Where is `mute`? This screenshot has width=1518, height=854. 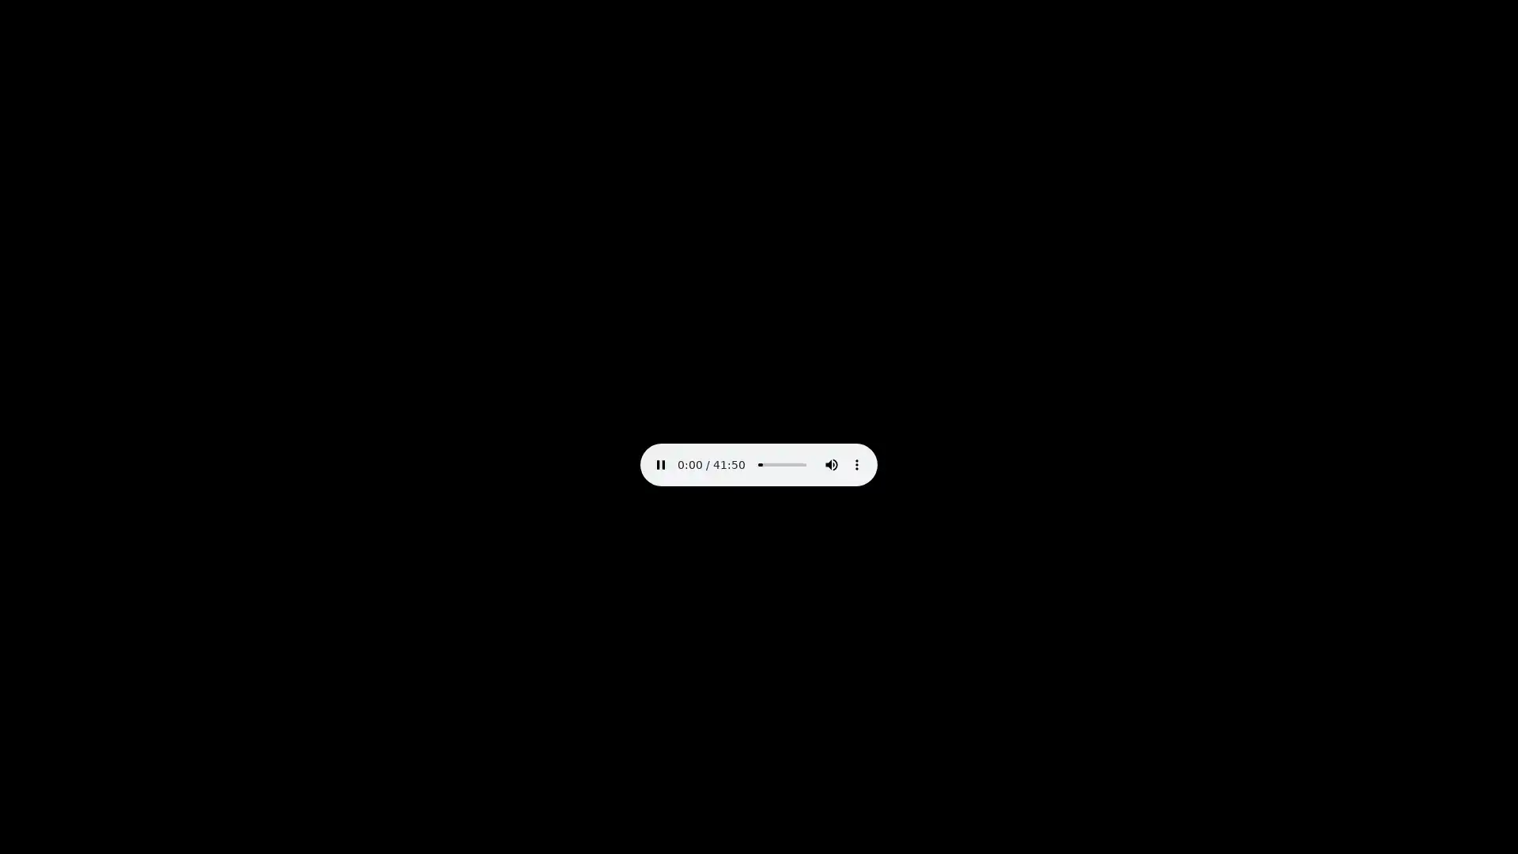 mute is located at coordinates (830, 463).